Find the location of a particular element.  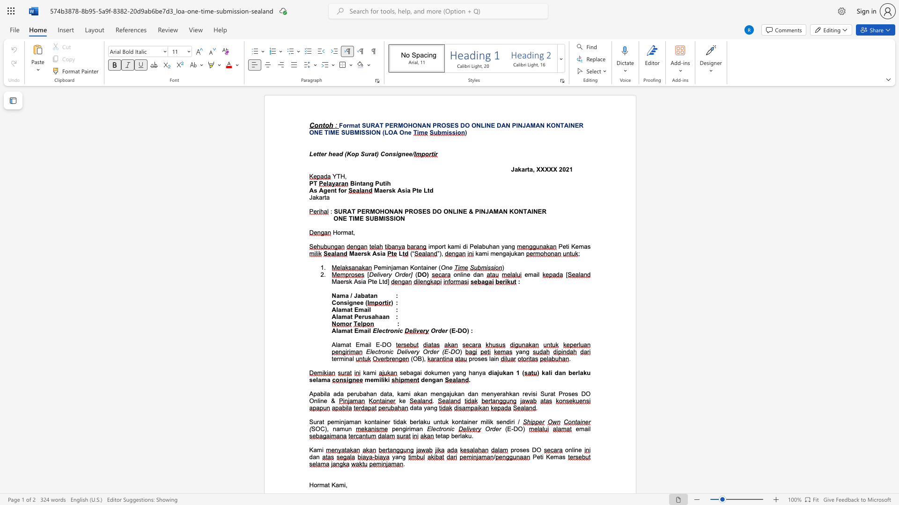

the subset text "aku" within the text "tetap berlaku." is located at coordinates (461, 436).